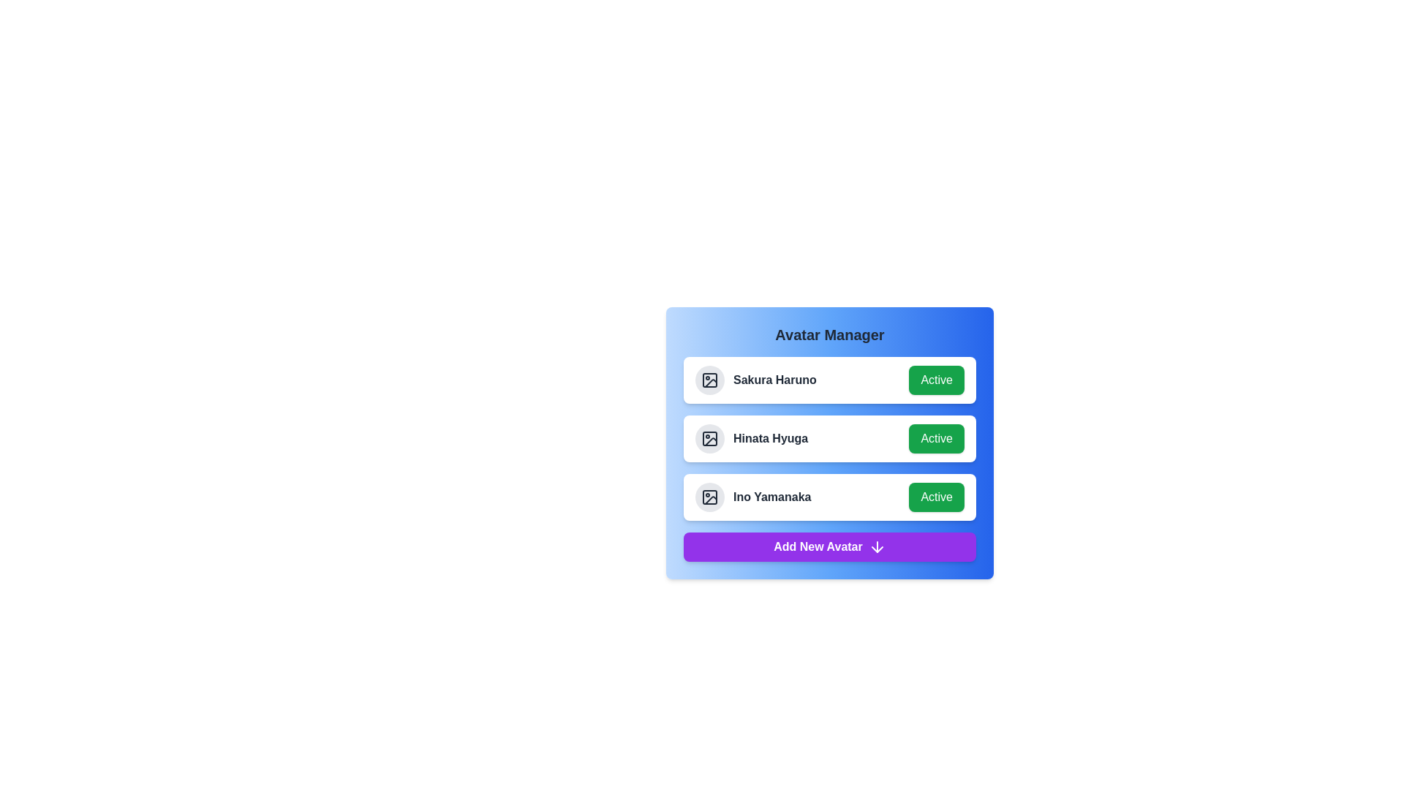  I want to click on the avatar icon for the user 'Hinata Hyuga' in the 'Avatar Manager' panel, which is a gray square box with rounded corners and a circular mark, located in the second row of the list, so click(709, 438).